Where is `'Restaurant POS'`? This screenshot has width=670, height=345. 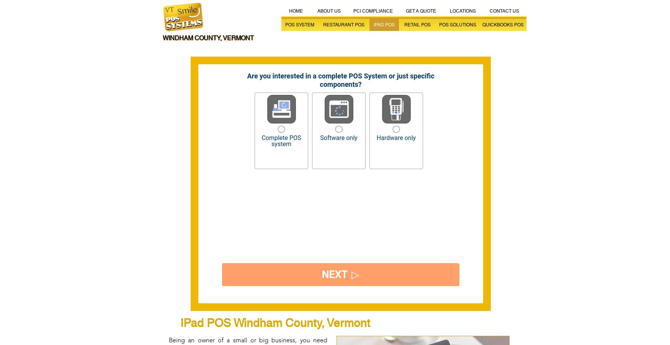 'Restaurant POS' is located at coordinates (343, 24).